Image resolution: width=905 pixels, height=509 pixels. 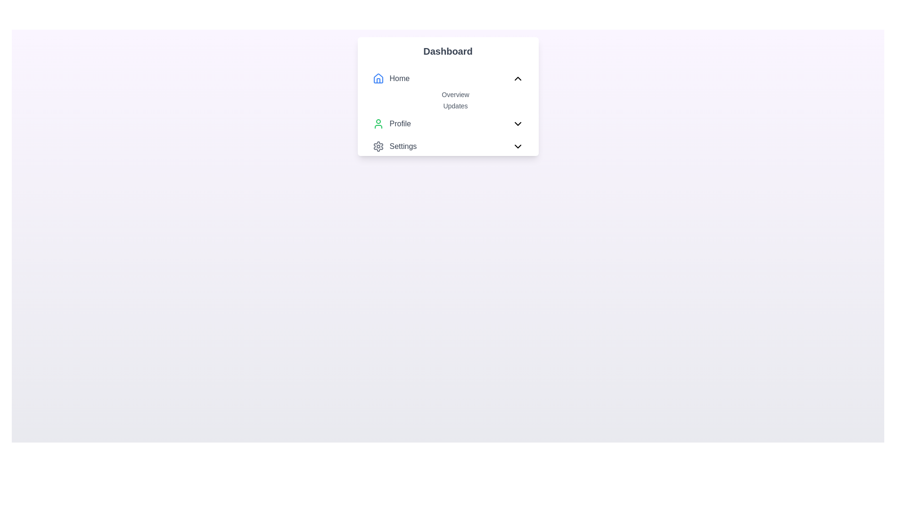 What do you see at coordinates (399, 78) in the screenshot?
I see `the 'Home' text label` at bounding box center [399, 78].